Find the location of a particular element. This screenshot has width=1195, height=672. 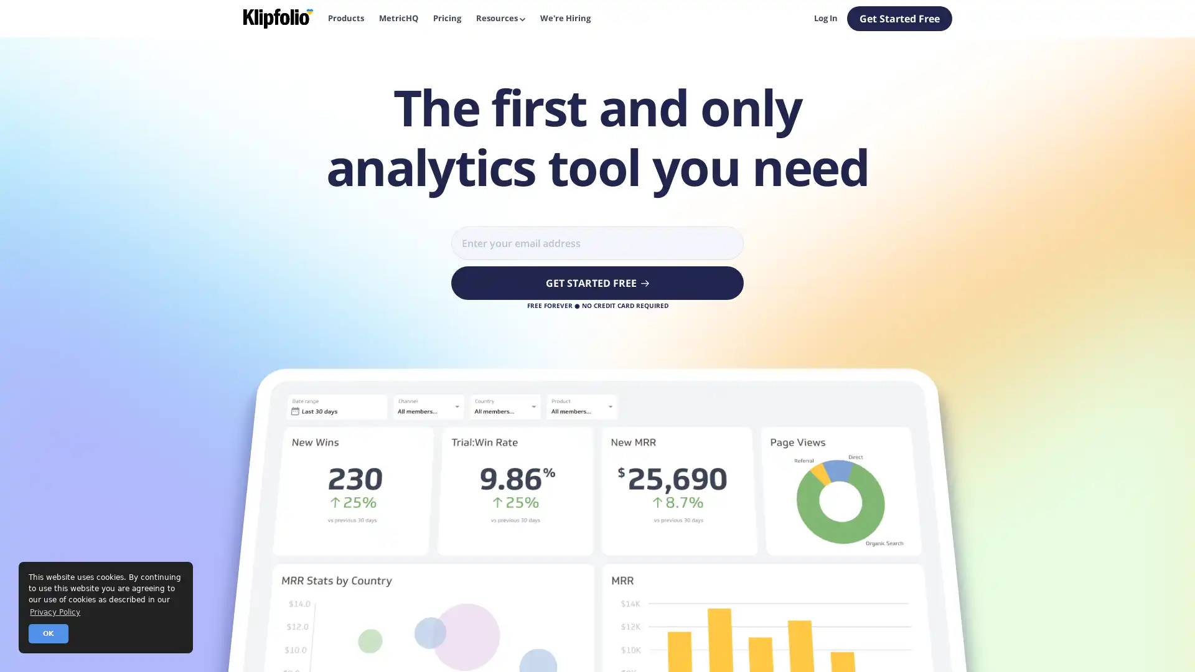

FREE FOREVER  NO CREDIT CARD REQUIRED GET STARTED FREER is located at coordinates (597, 283).